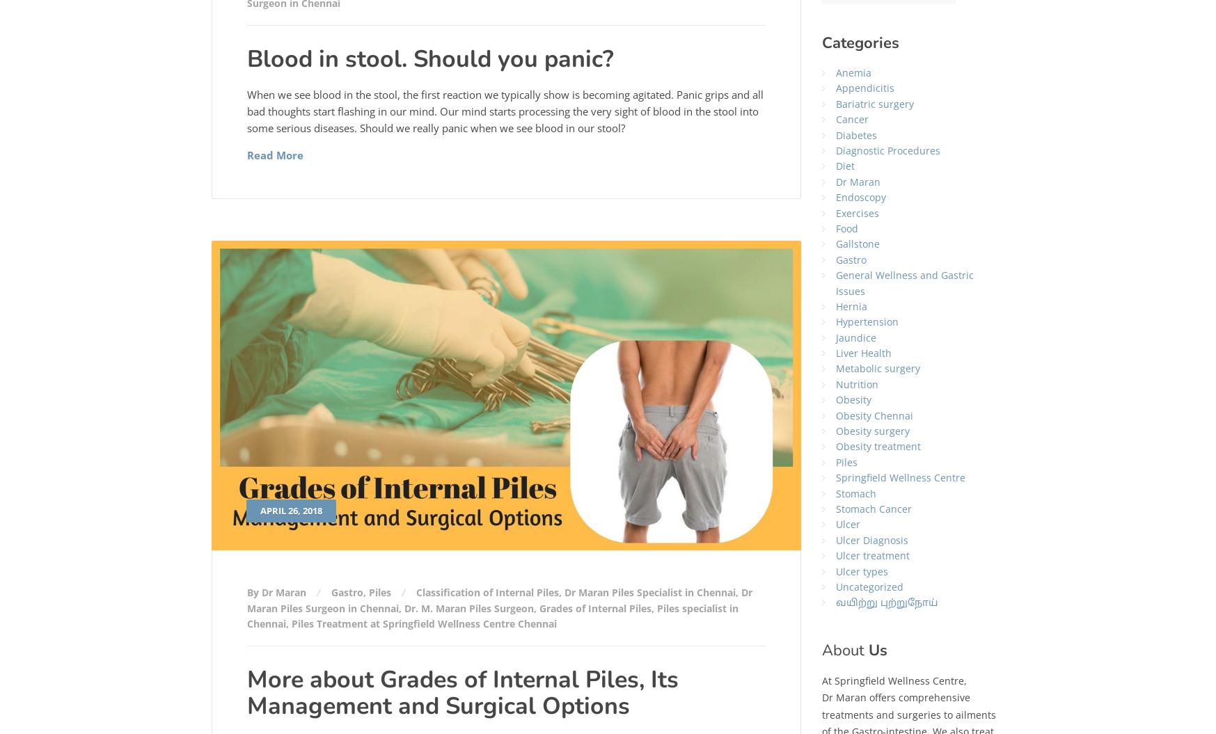  What do you see at coordinates (290, 510) in the screenshot?
I see `'April 26, 2018'` at bounding box center [290, 510].